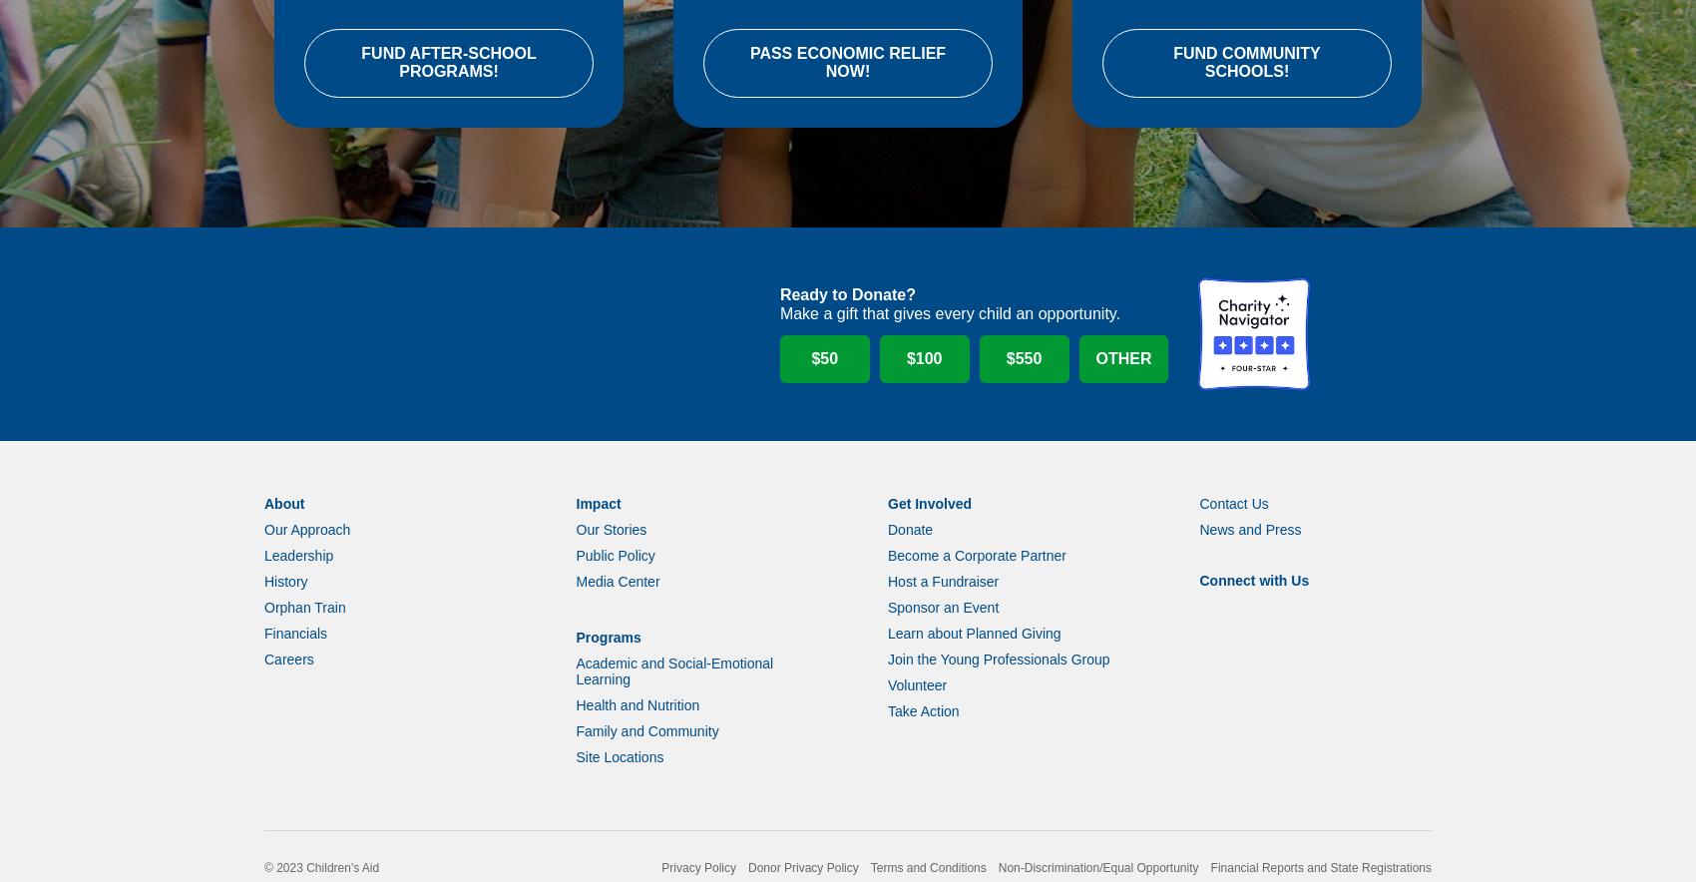  I want to click on 'Health and Nutrition', so click(574, 730).